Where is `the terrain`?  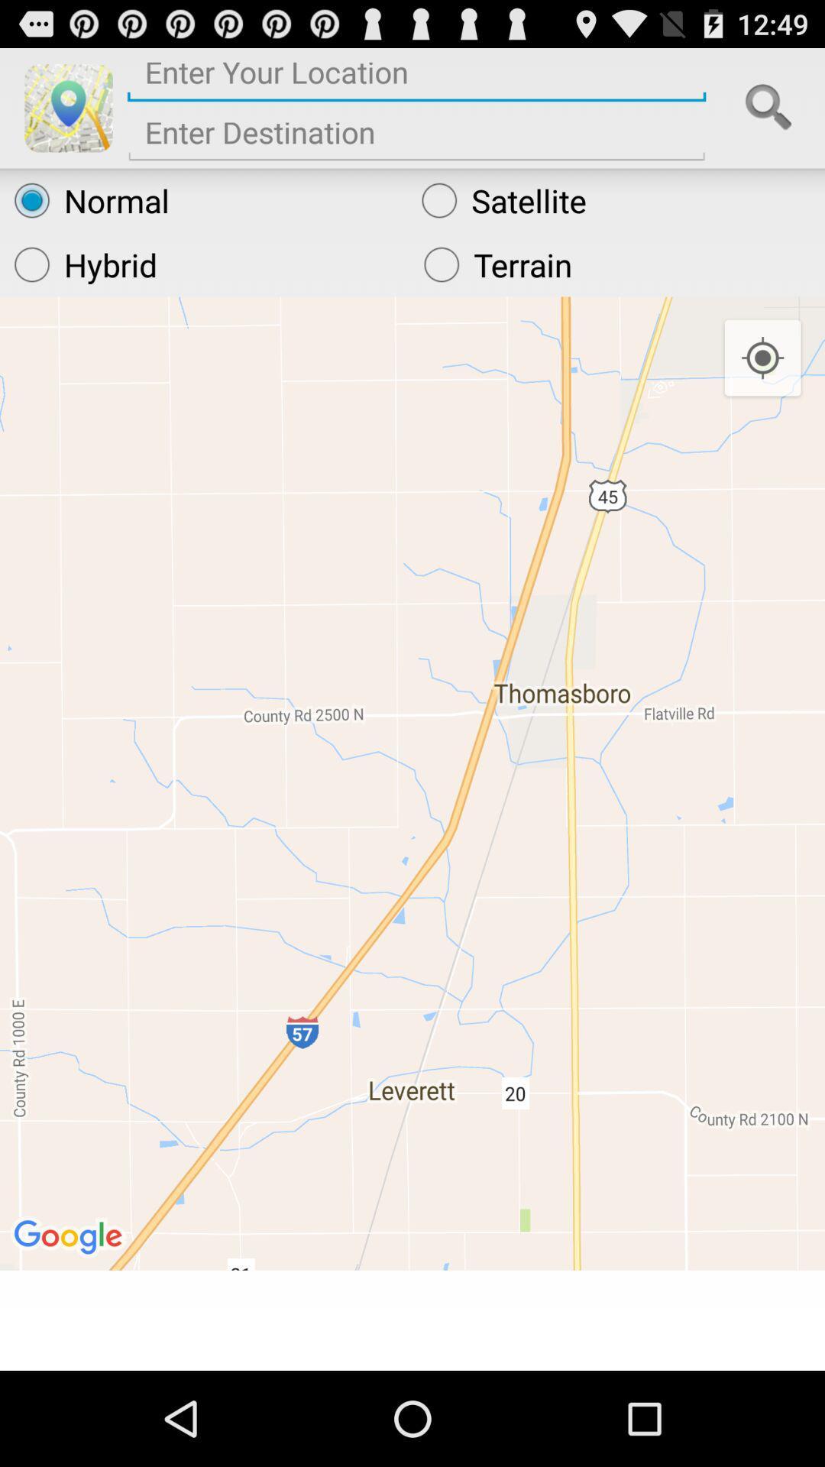 the terrain is located at coordinates (616, 264).